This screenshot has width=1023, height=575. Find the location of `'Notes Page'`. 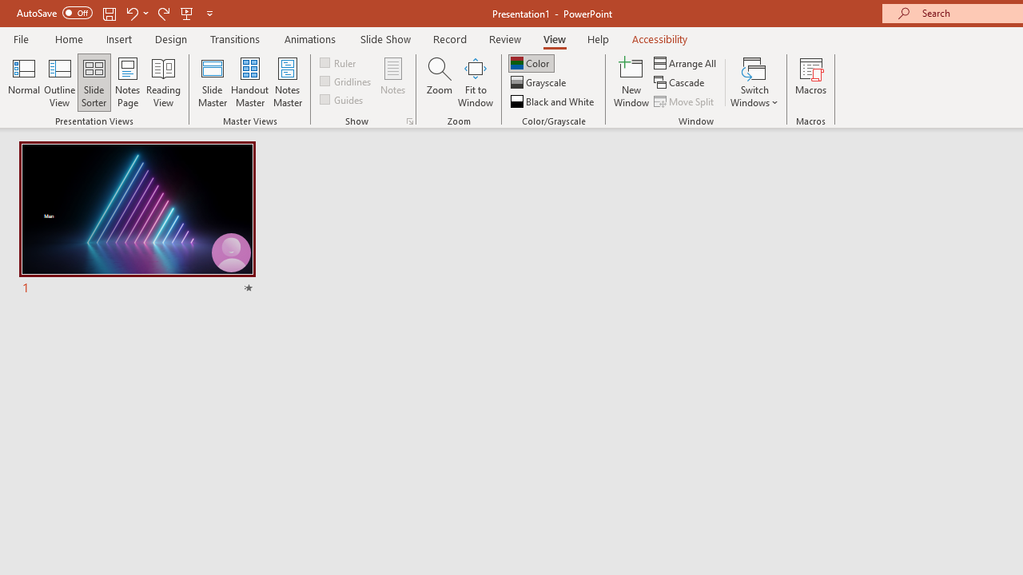

'Notes Page' is located at coordinates (128, 82).